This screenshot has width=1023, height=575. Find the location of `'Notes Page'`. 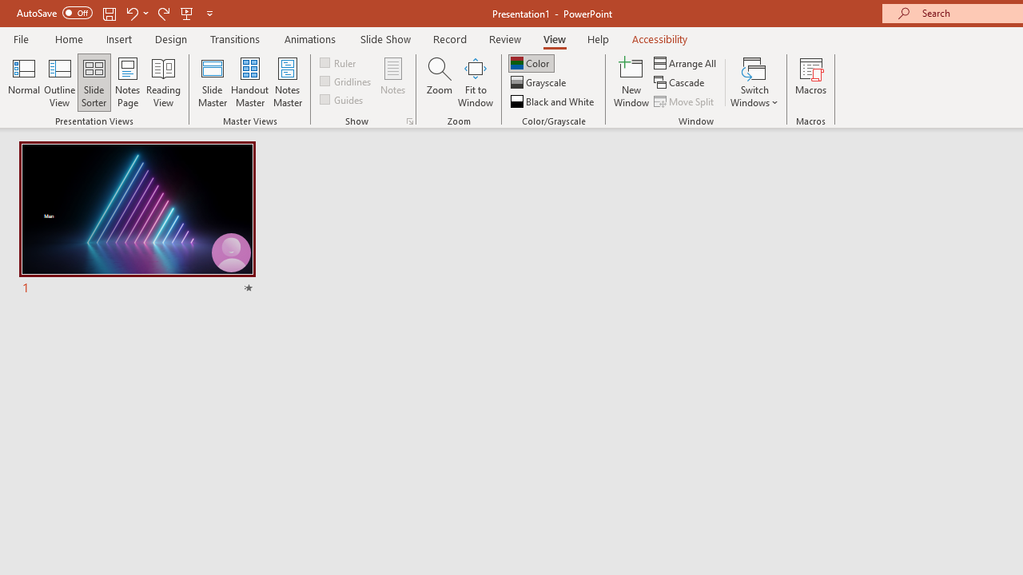

'Notes Page' is located at coordinates (128, 82).